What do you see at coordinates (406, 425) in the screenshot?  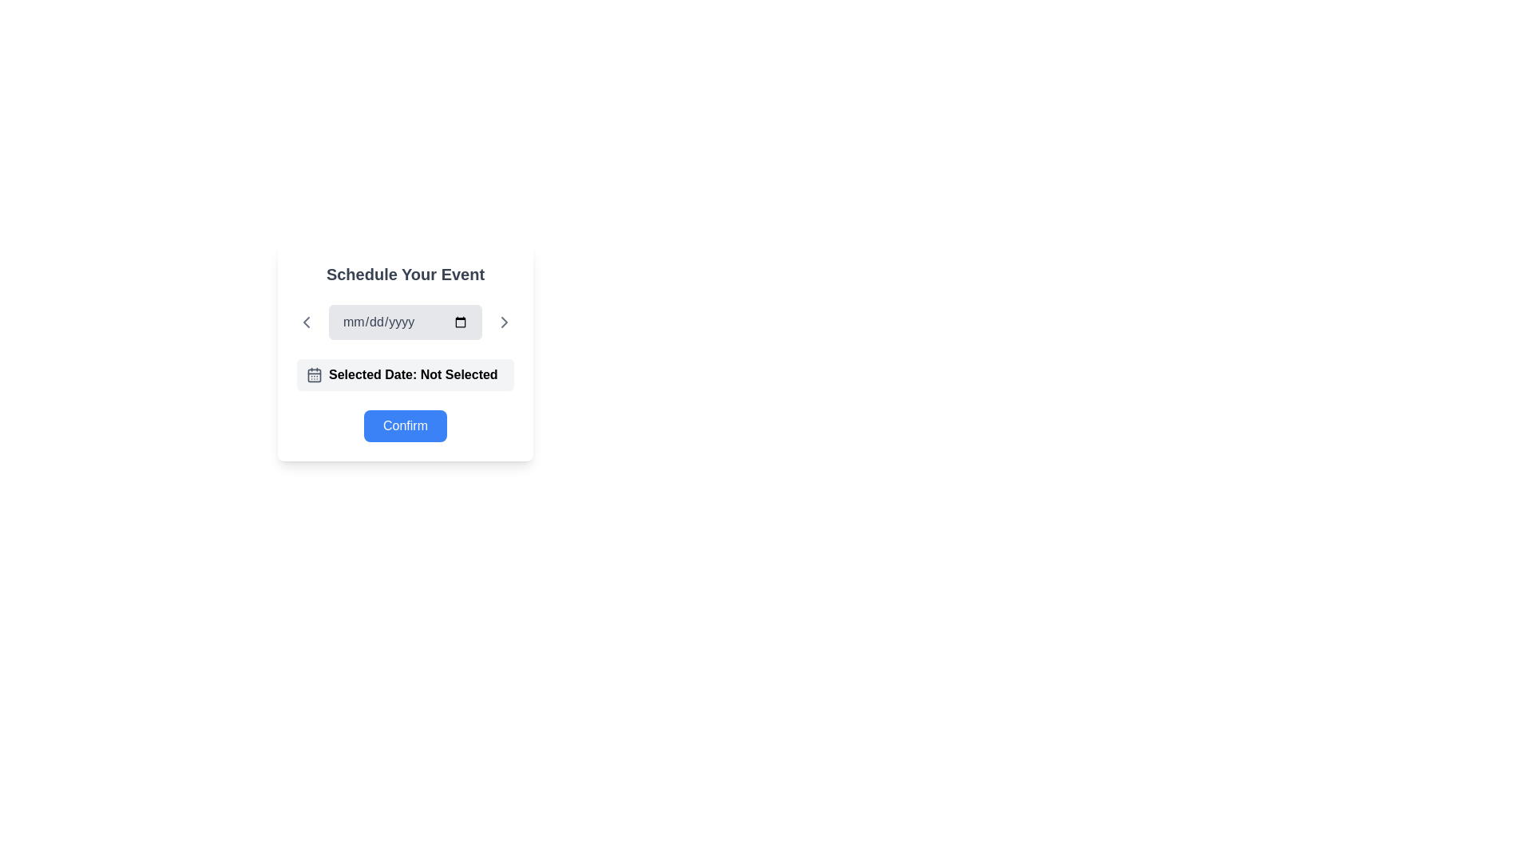 I see `the 'Confirm' button located at the bottom of the 'Schedule Your Event' dialog, below the text 'Selected Date: Not Selected', to finalize the action` at bounding box center [406, 425].